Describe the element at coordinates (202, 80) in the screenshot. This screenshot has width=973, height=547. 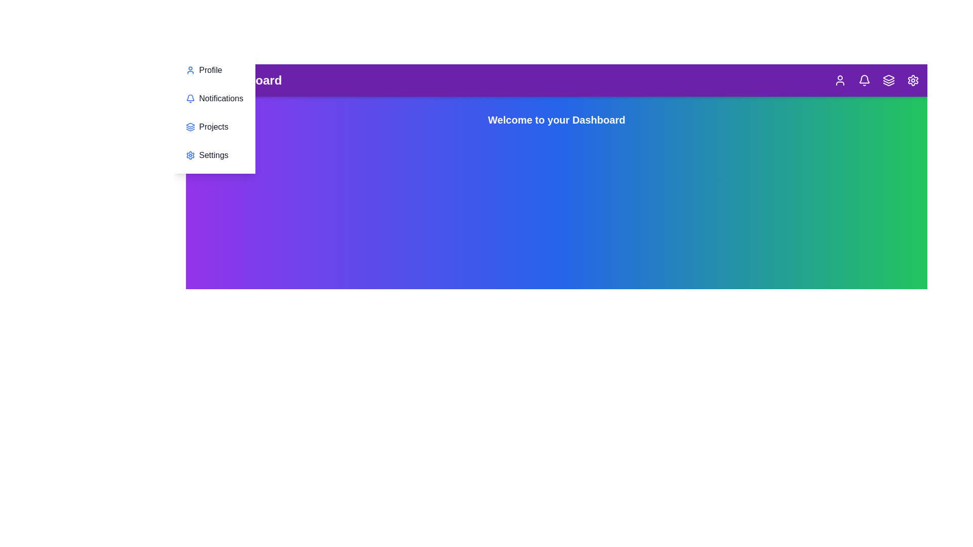
I see `the menu icon to toggle the menu visibility` at that location.